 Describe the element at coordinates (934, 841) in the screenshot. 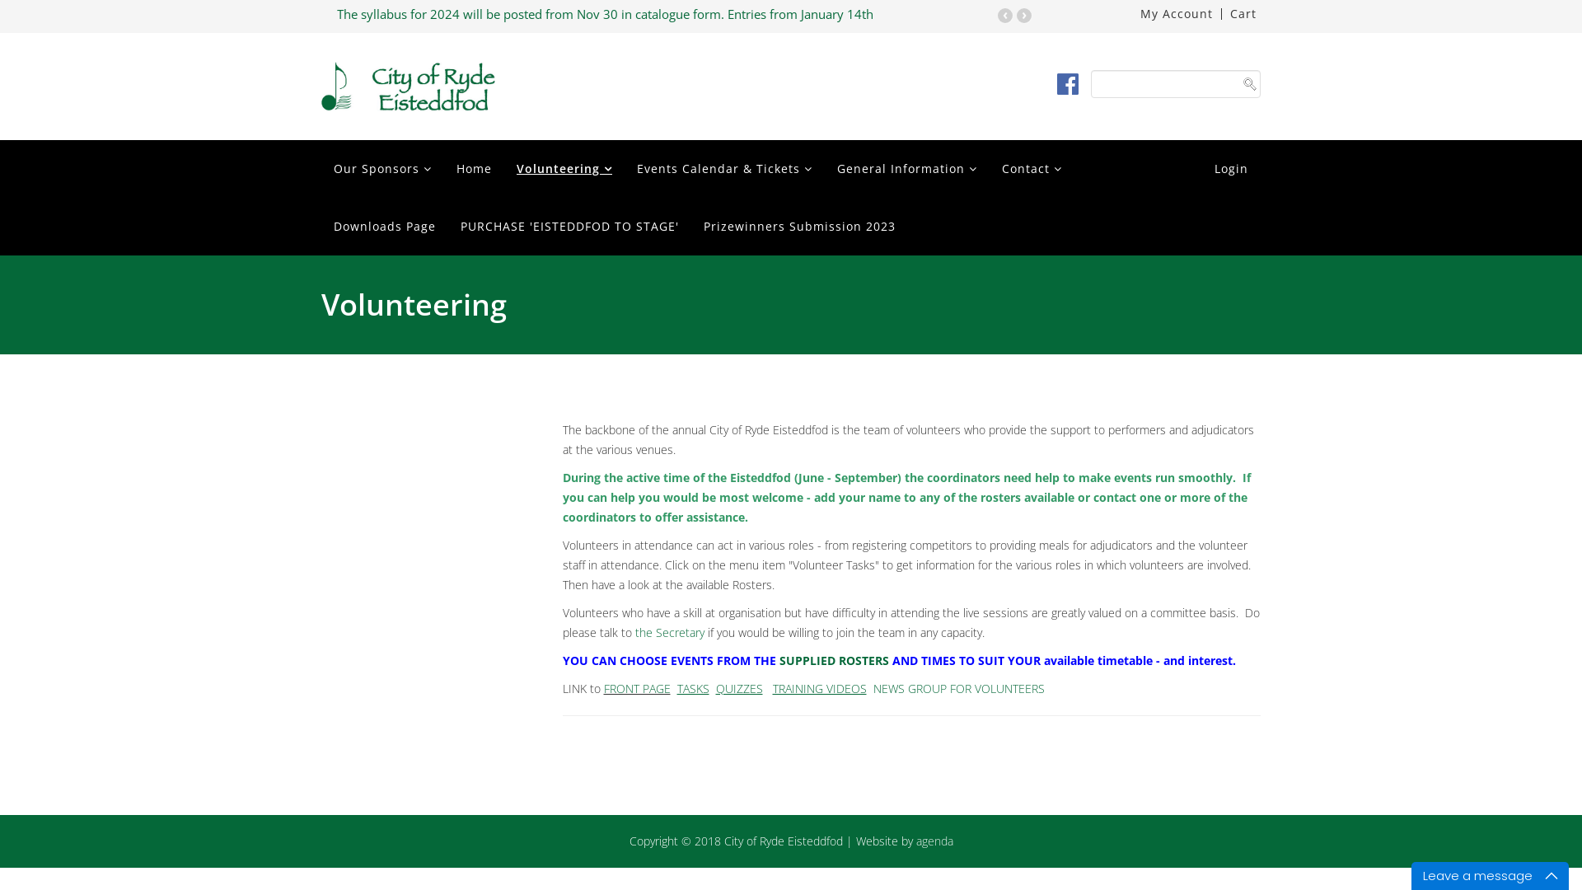

I see `'agenda'` at that location.